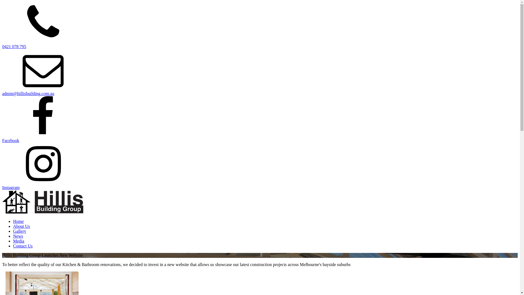 The height and width of the screenshot is (295, 524). Describe the element at coordinates (14, 46) in the screenshot. I see `'0421 078 795'` at that location.